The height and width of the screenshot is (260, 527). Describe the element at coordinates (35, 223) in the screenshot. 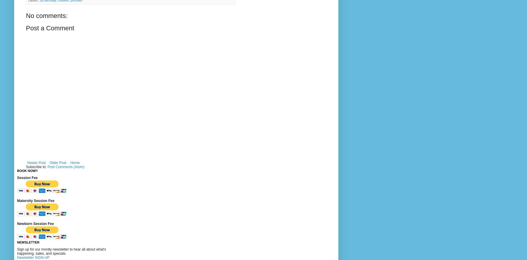

I see `'Newborn Session Fee'` at that location.